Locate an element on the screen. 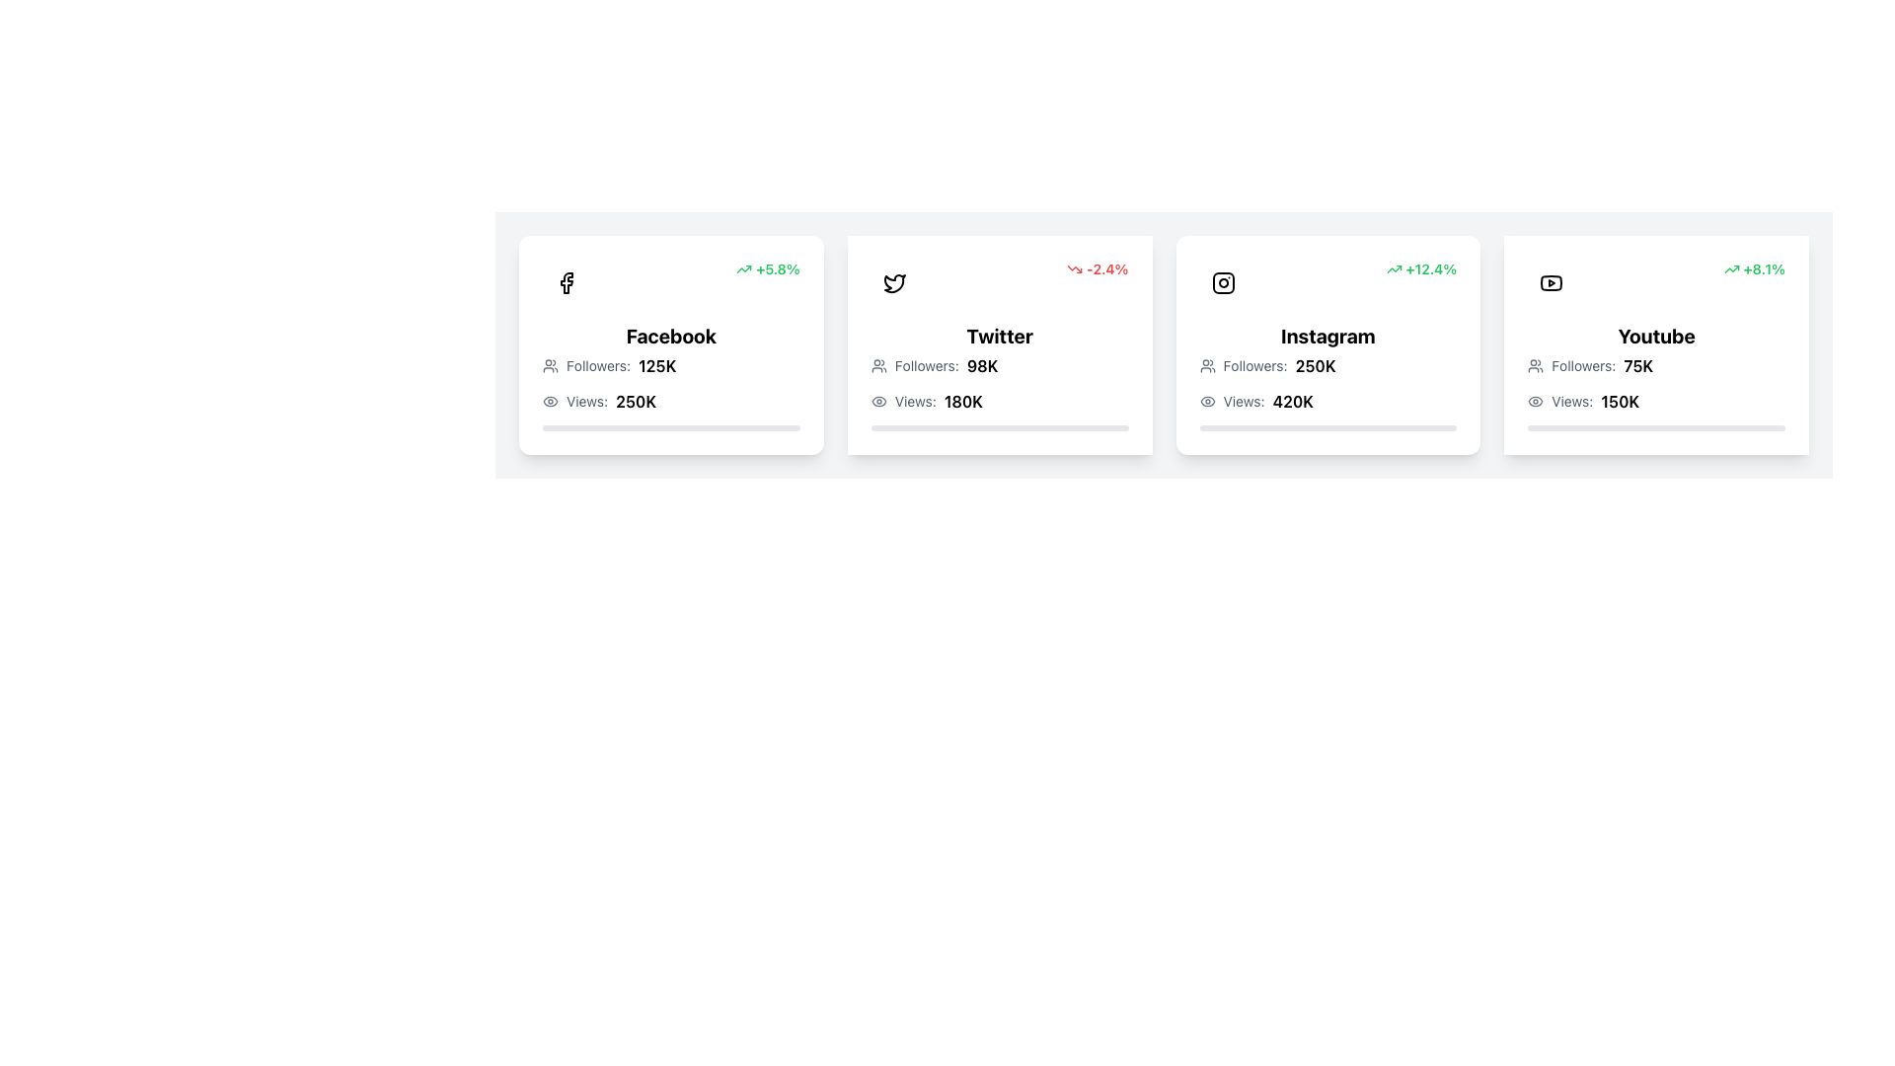 The width and height of the screenshot is (1895, 1066). the upward arrow icon representing a positive trend in the Youtube statistics card, located at the top-right corner before the text '+8.1%' is located at coordinates (1730, 269).